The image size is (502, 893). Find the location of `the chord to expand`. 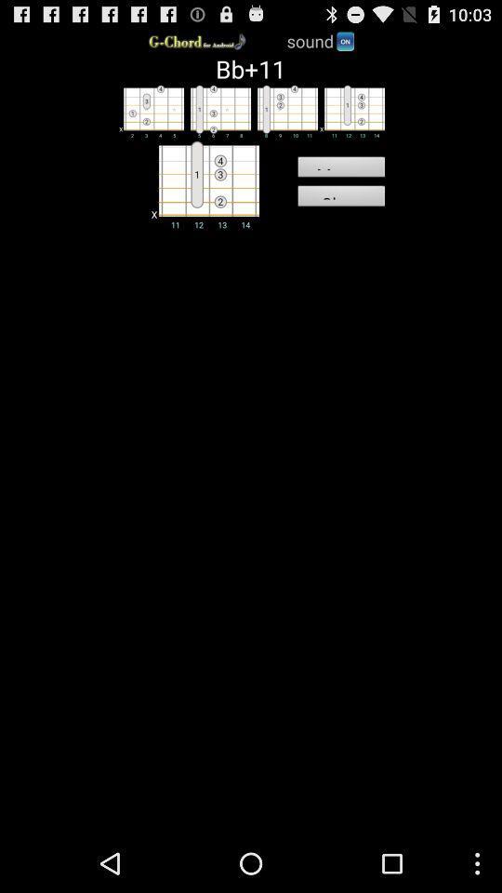

the chord to expand is located at coordinates (202, 183).